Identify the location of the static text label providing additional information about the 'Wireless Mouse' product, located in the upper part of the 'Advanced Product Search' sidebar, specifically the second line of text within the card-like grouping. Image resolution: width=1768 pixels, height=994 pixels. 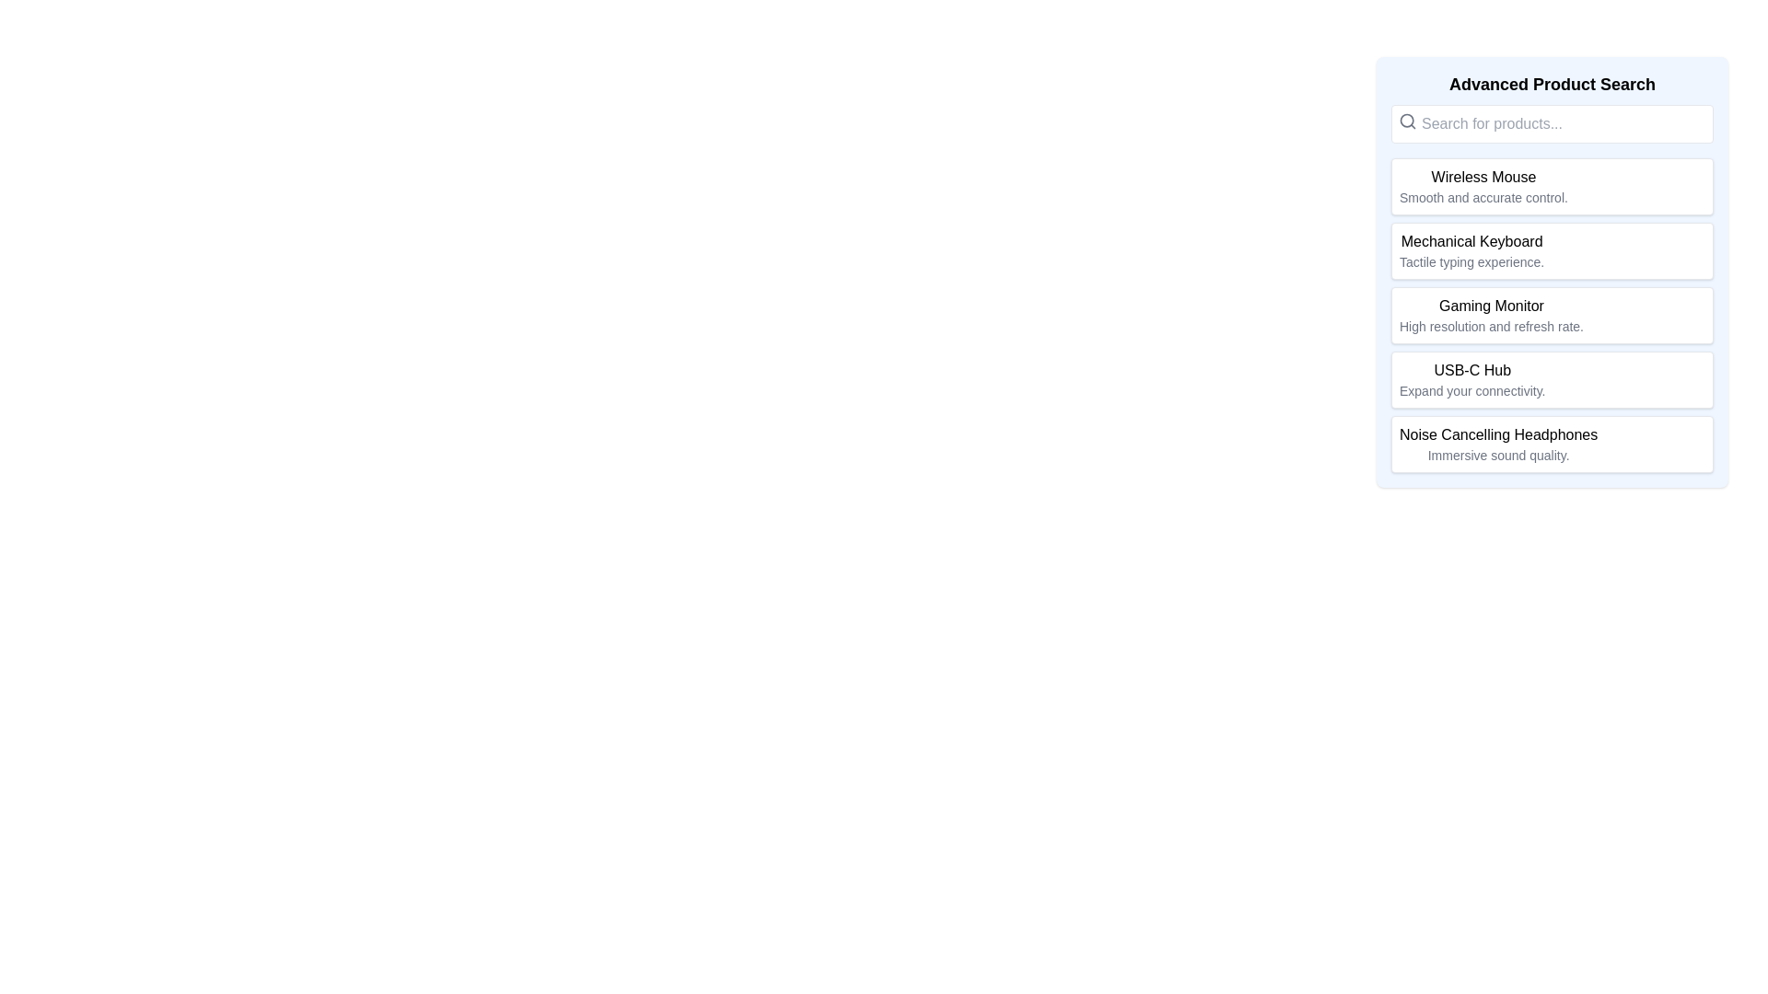
(1483, 198).